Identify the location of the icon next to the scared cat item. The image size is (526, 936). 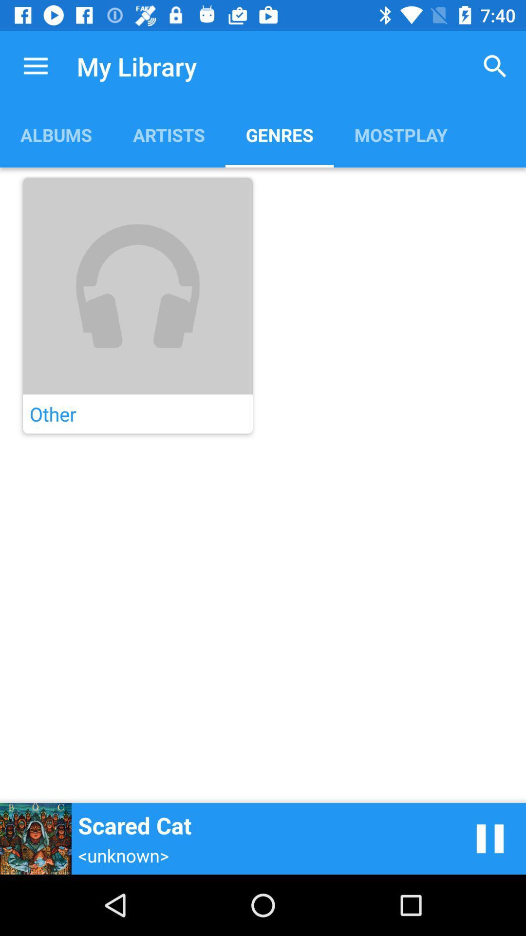
(490, 838).